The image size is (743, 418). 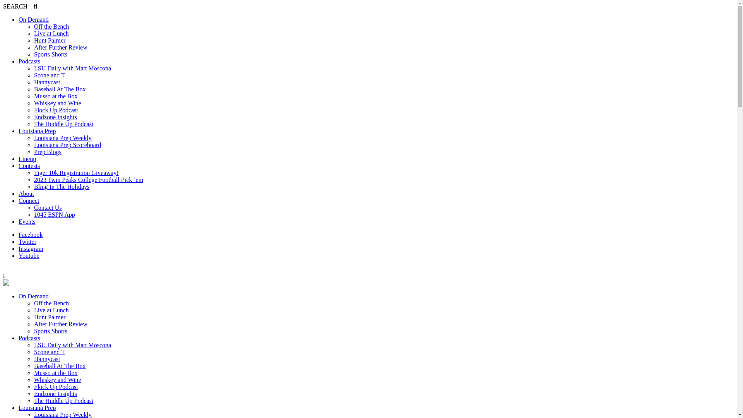 I want to click on 'Podcasts', so click(x=29, y=61).